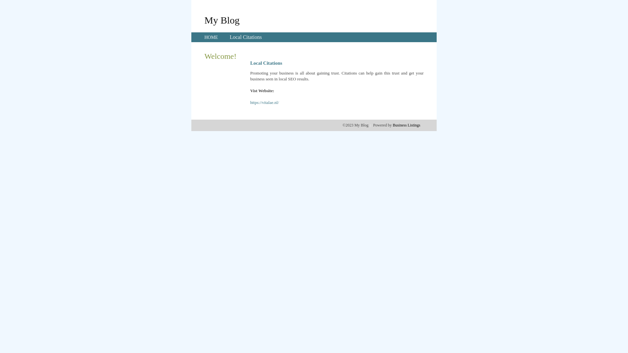 The image size is (628, 353). What do you see at coordinates (250, 102) in the screenshot?
I see `'https://vitalae.nl/'` at bounding box center [250, 102].